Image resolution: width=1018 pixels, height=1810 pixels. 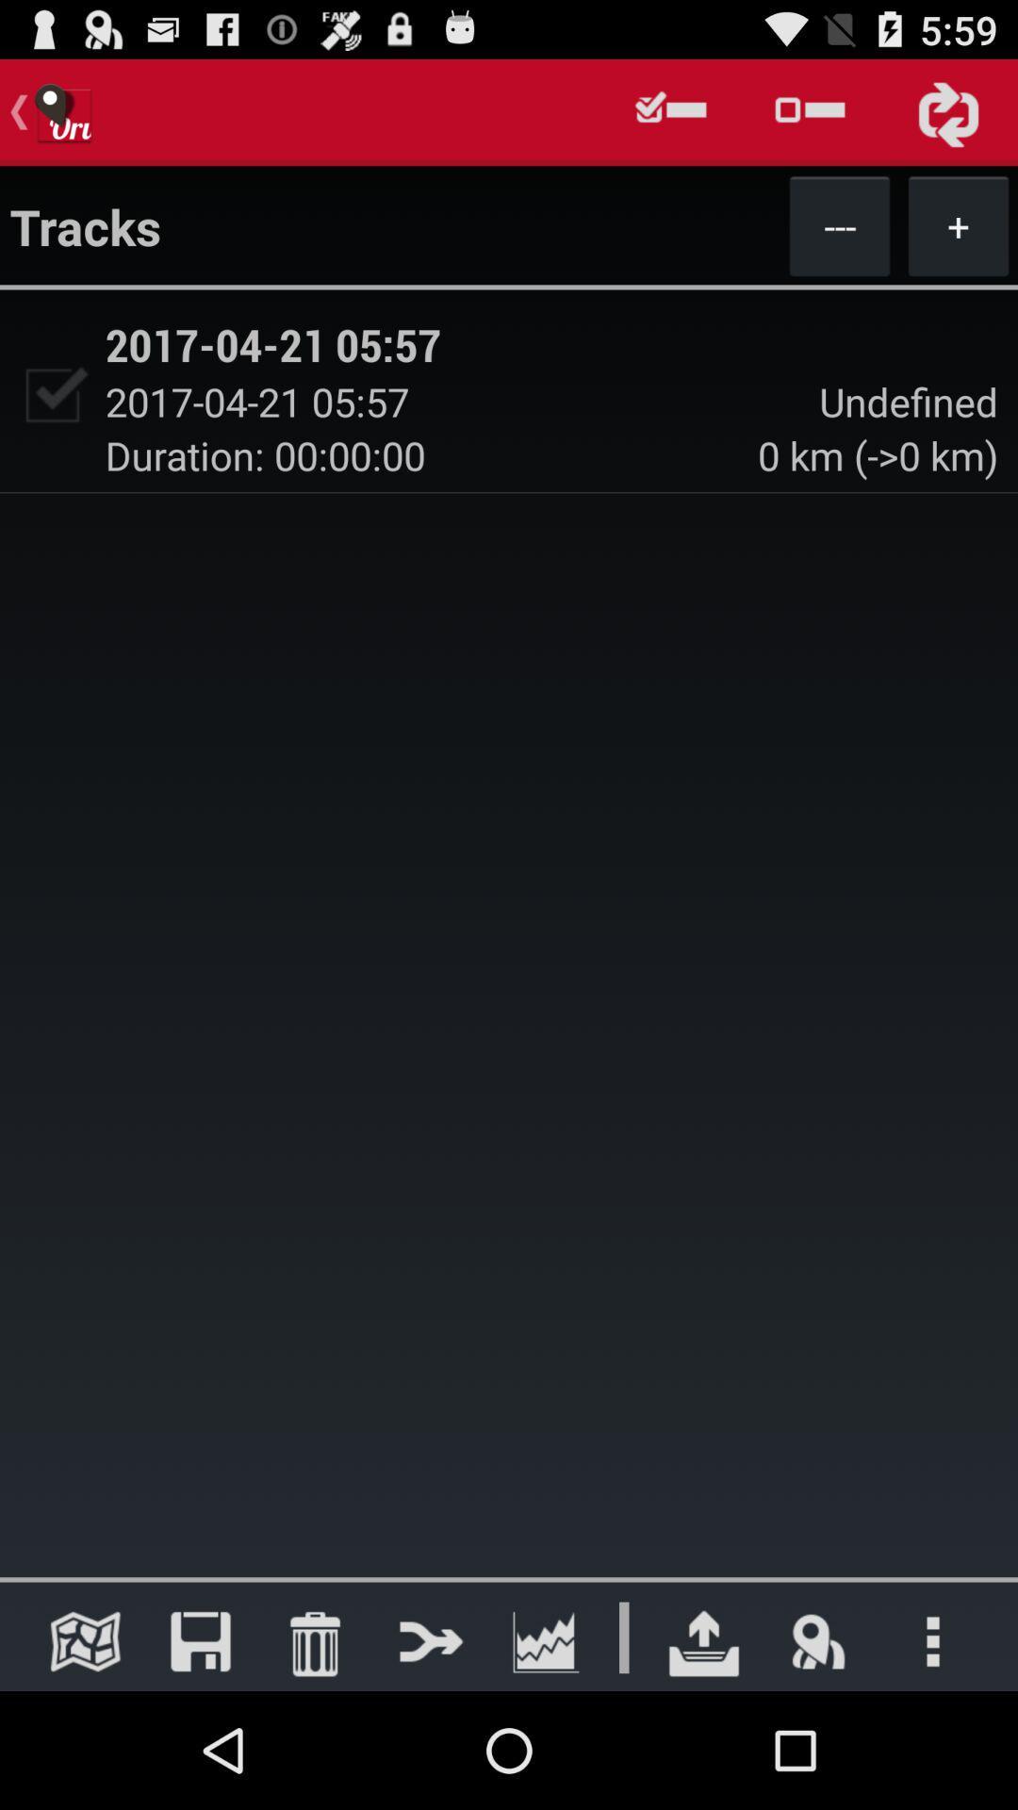 What do you see at coordinates (817, 1640) in the screenshot?
I see `pinpoint location` at bounding box center [817, 1640].